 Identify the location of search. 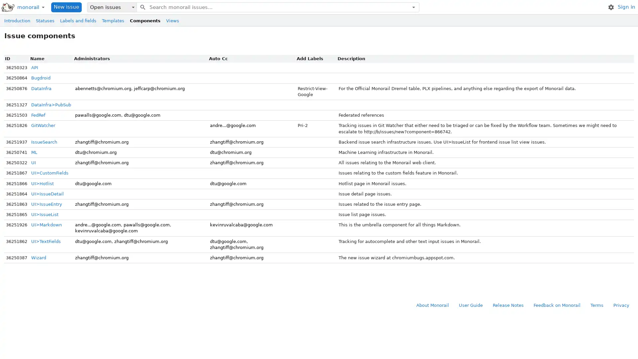
(142, 7).